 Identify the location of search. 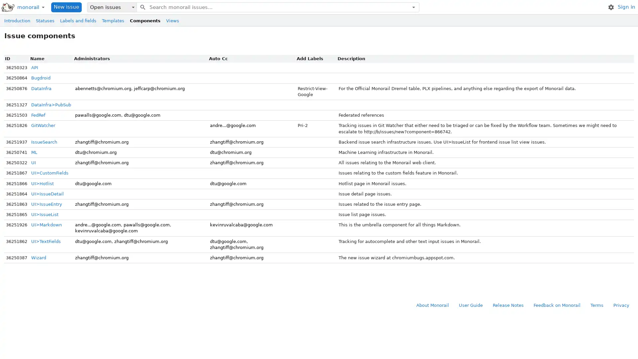
(142, 7).